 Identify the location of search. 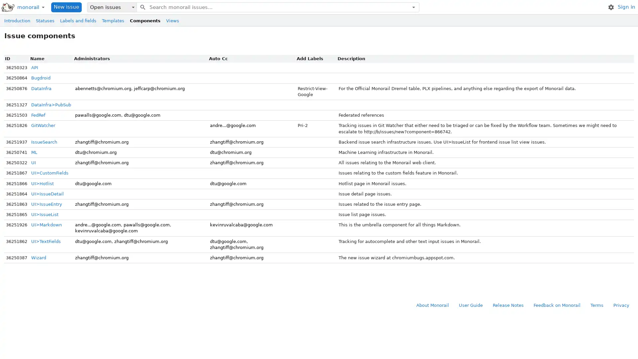
(142, 7).